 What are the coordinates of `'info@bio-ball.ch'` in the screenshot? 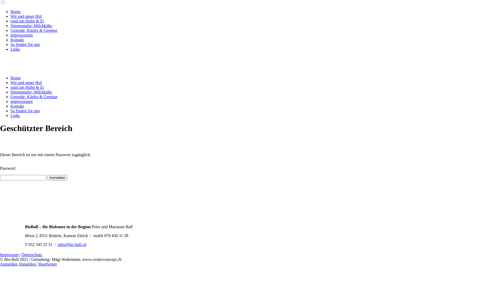 It's located at (72, 244).